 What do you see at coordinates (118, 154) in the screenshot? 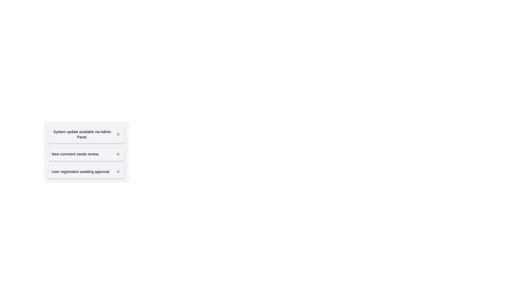
I see `the second 'X' icon in the vertical stack of three message cards` at bounding box center [118, 154].